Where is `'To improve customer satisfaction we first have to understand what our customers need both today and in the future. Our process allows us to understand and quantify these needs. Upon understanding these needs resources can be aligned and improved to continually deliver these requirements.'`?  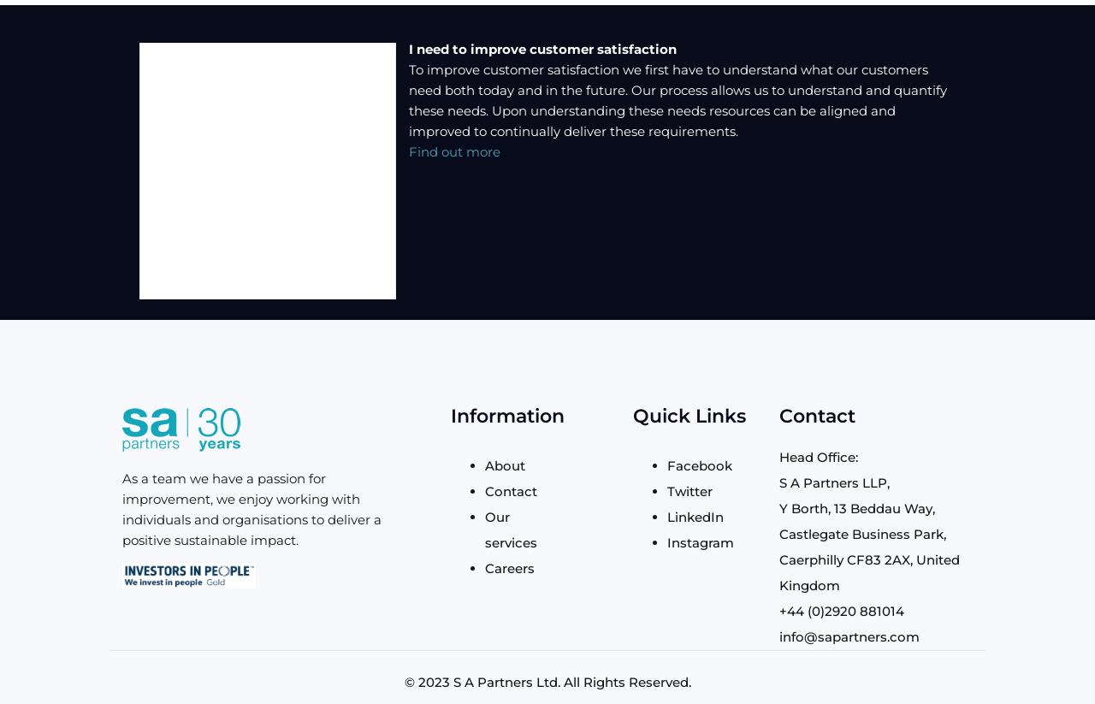 'To improve customer satisfaction we first have to understand what our customers need both today and in the future. Our process allows us to understand and quantify these needs. Upon understanding these needs resources can be aligned and improved to continually deliver these requirements.' is located at coordinates (677, 100).